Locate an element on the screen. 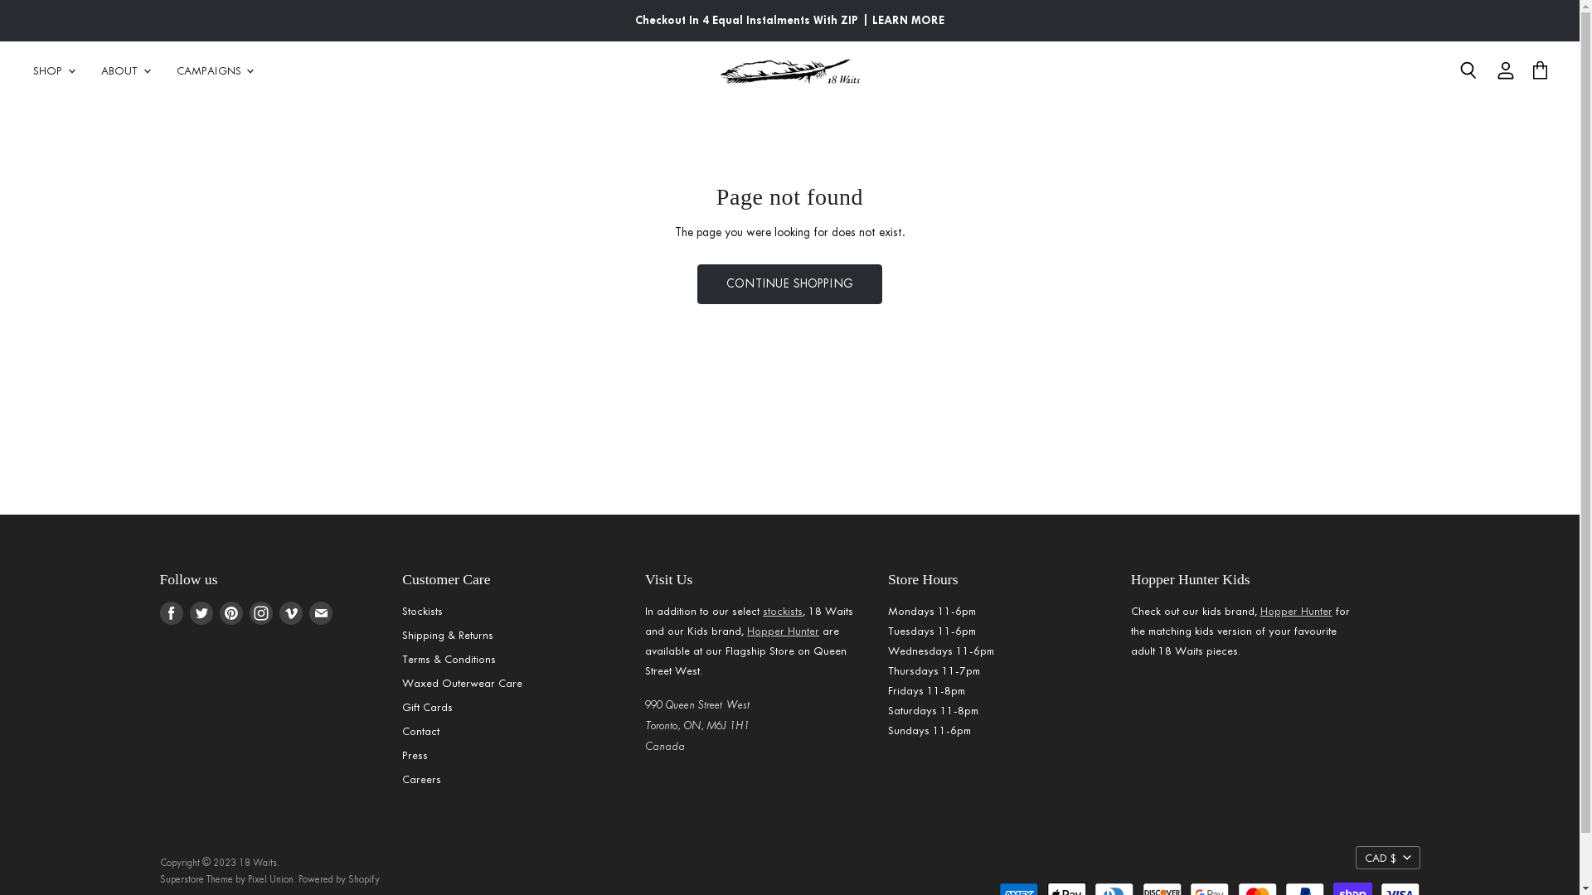 Image resolution: width=1592 pixels, height=895 pixels. 'stockists' is located at coordinates (782, 611).